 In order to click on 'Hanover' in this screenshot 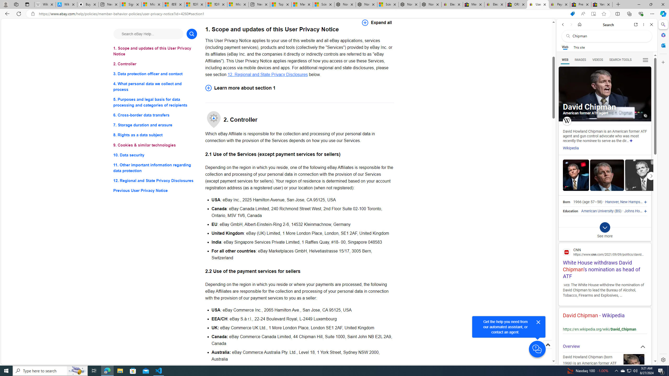, I will do `click(612, 202)`.